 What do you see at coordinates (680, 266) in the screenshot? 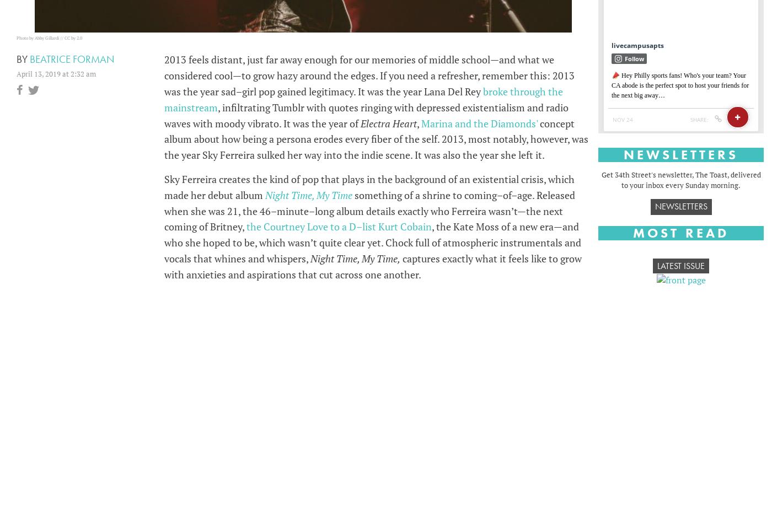
I see `'Latest Issue'` at bounding box center [680, 266].